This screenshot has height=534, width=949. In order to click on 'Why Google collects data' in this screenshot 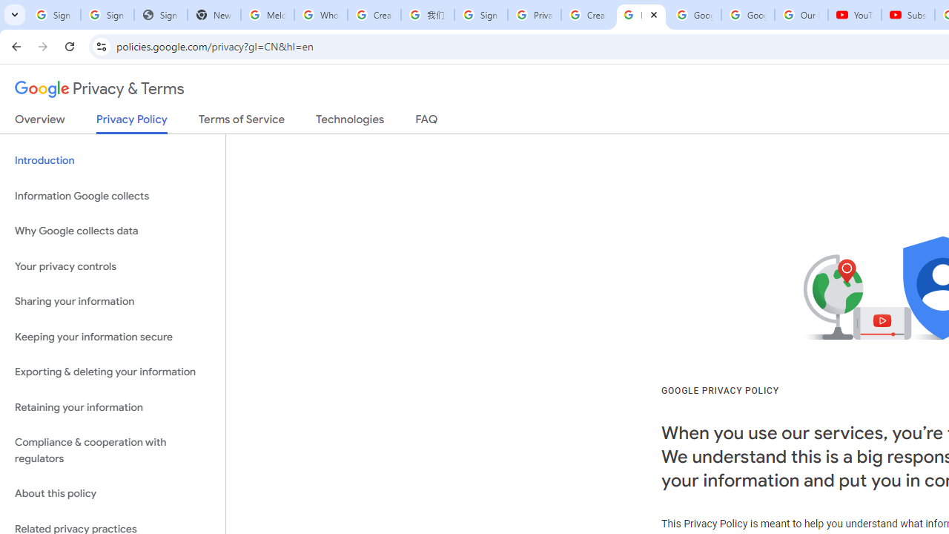, I will do `click(112, 231)`.